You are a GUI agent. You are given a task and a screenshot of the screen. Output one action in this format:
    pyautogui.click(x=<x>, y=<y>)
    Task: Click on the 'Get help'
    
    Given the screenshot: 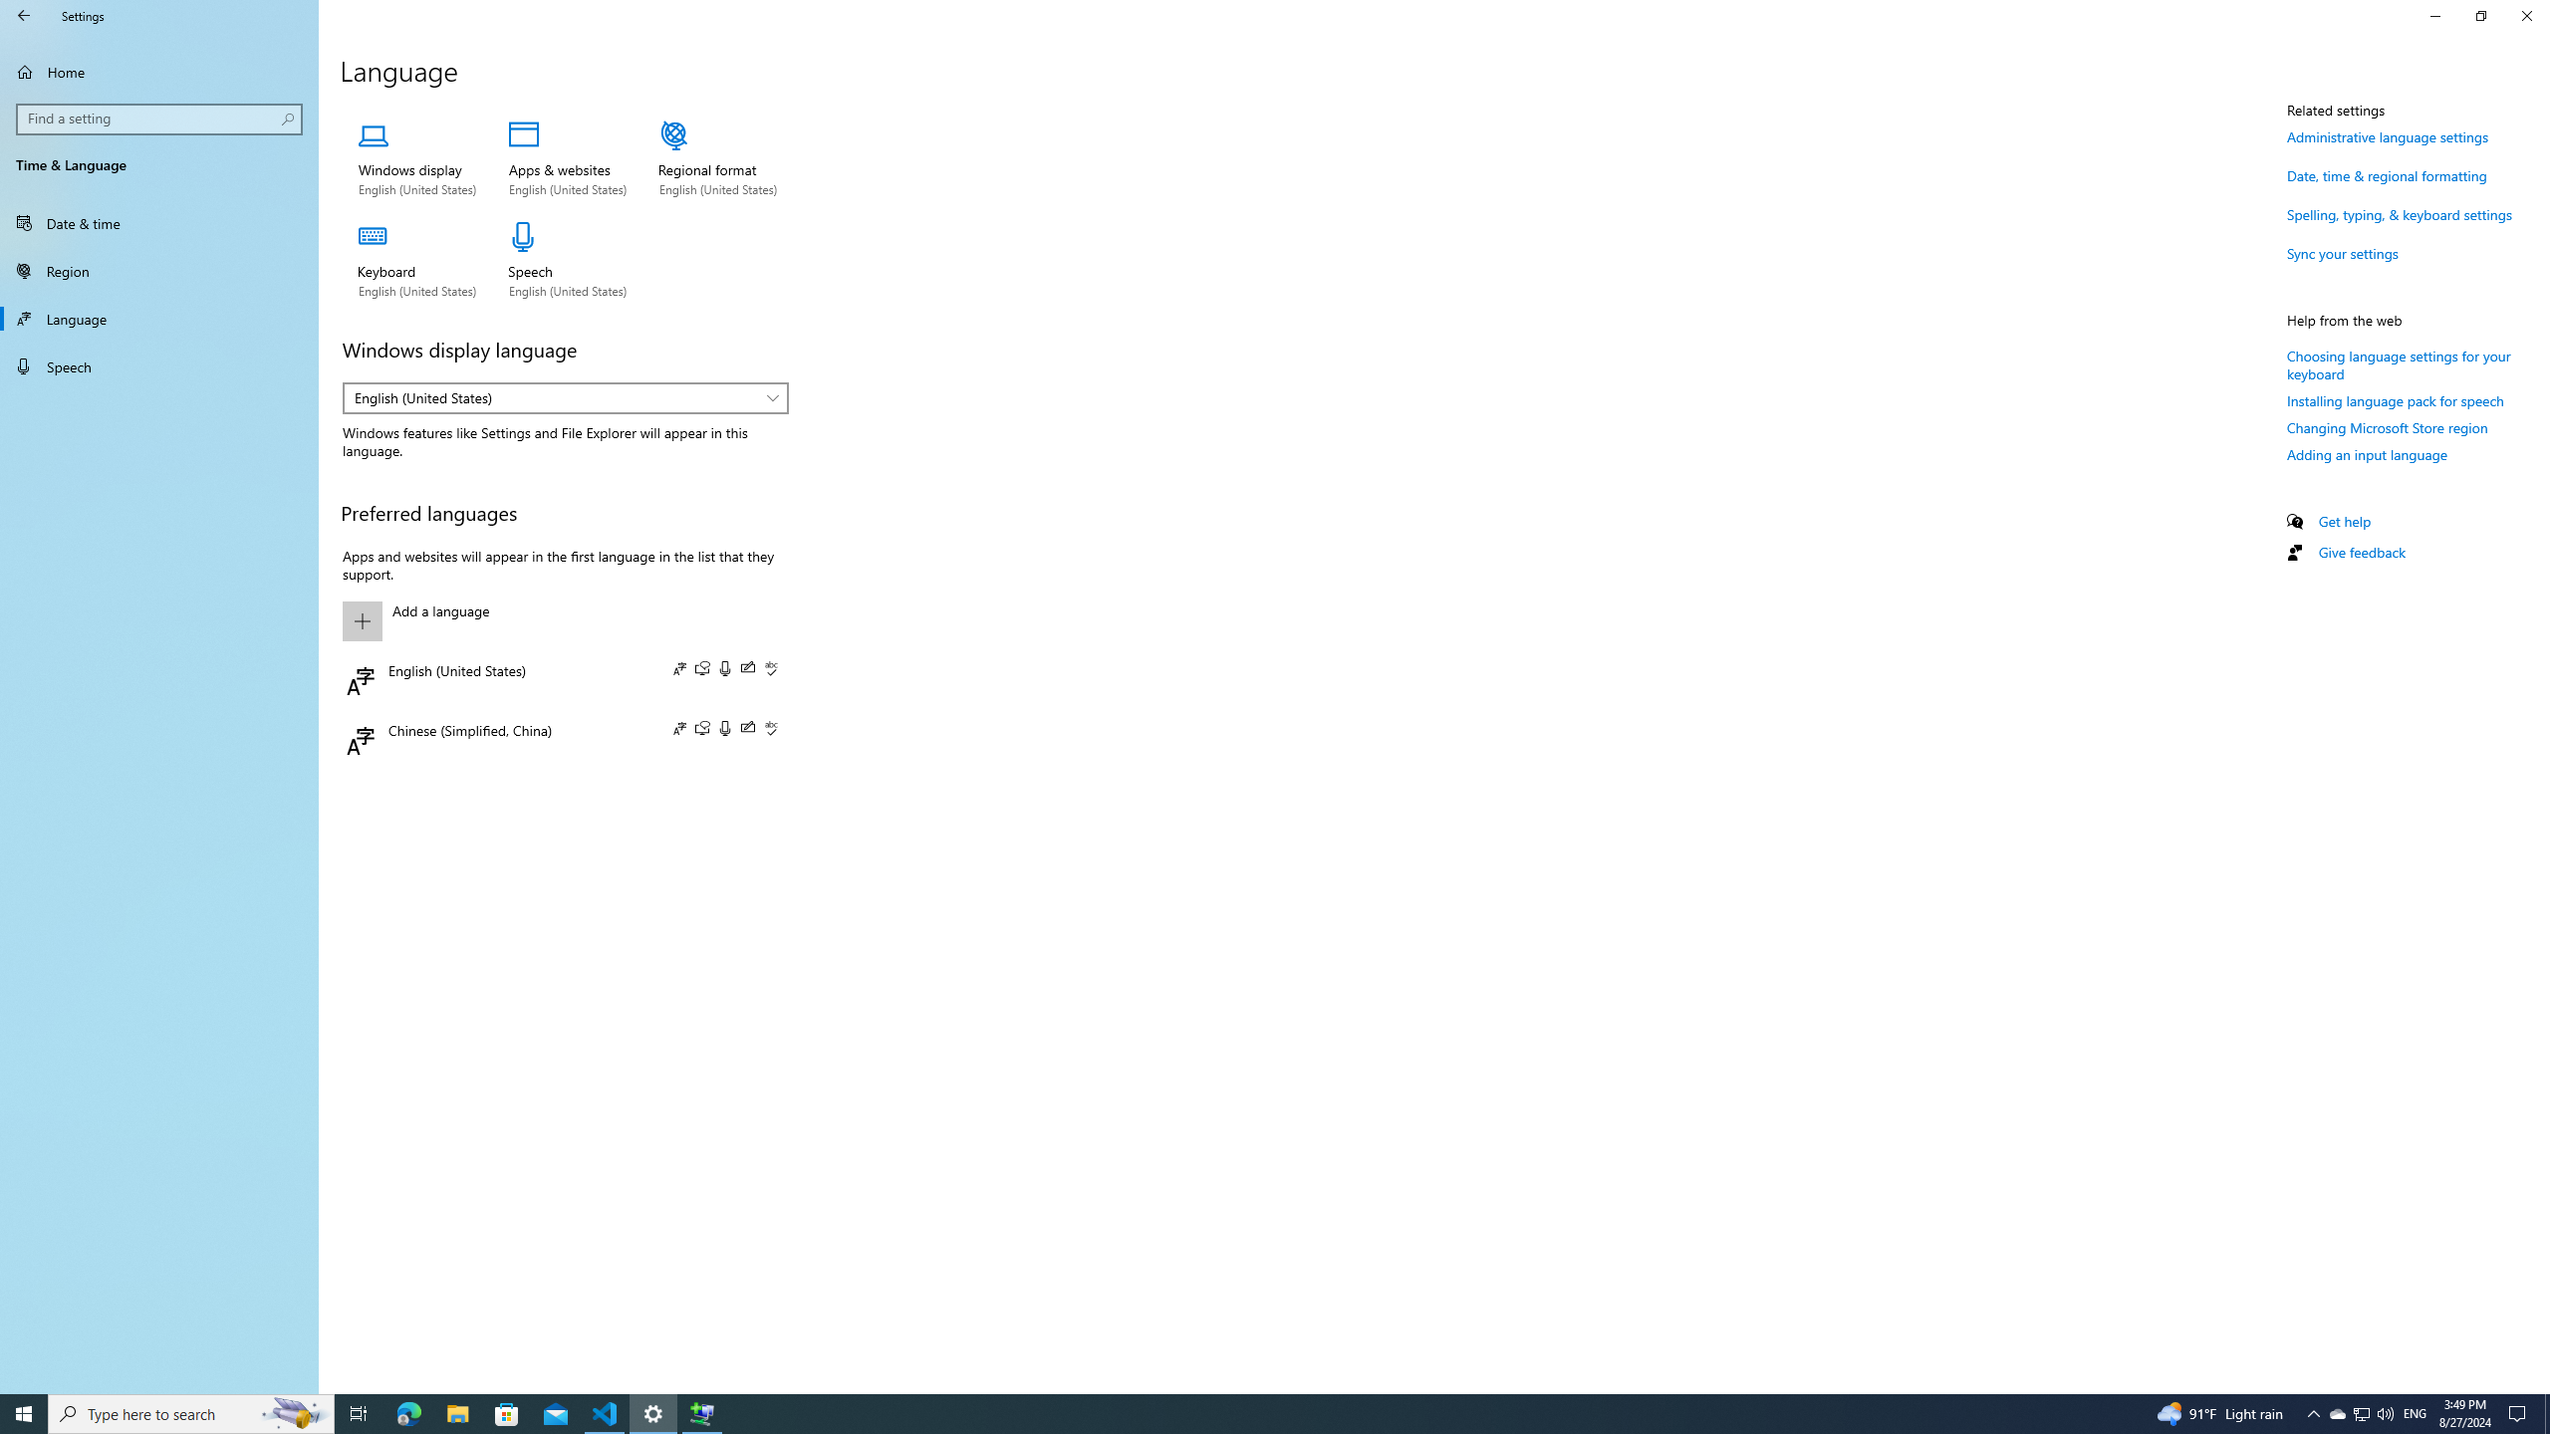 What is the action you would take?
    pyautogui.click(x=2343, y=520)
    